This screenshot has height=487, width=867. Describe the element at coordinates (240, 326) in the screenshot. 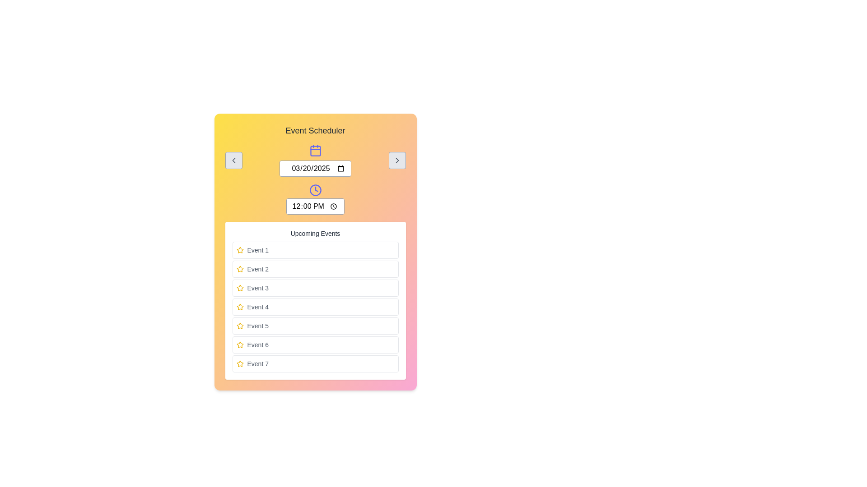

I see `the star icon located to the left of 'Event 5' in the fifth row of the 'Upcoming Events' list` at that location.